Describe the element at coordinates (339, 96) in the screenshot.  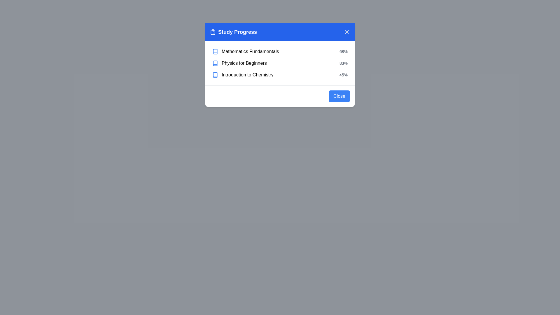
I see `the blue 'Close' button with rounded corners located at the bottom-right corner of the modal dialog` at that location.